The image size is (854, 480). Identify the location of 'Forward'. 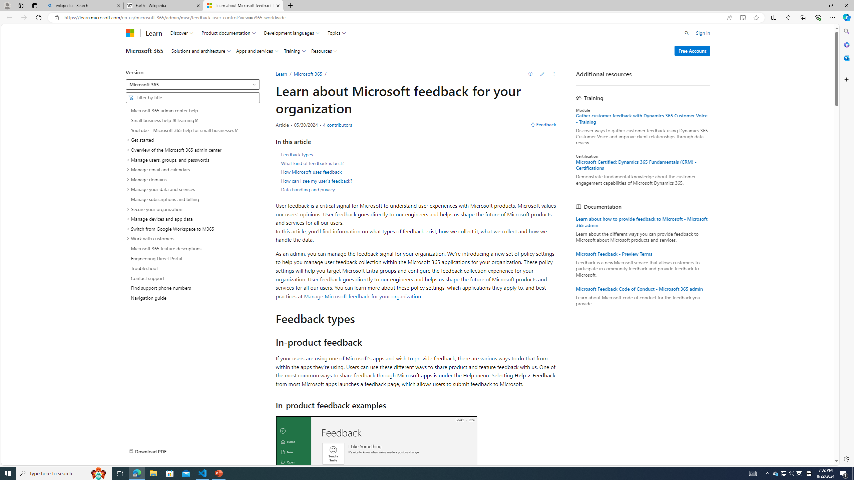
(23, 17).